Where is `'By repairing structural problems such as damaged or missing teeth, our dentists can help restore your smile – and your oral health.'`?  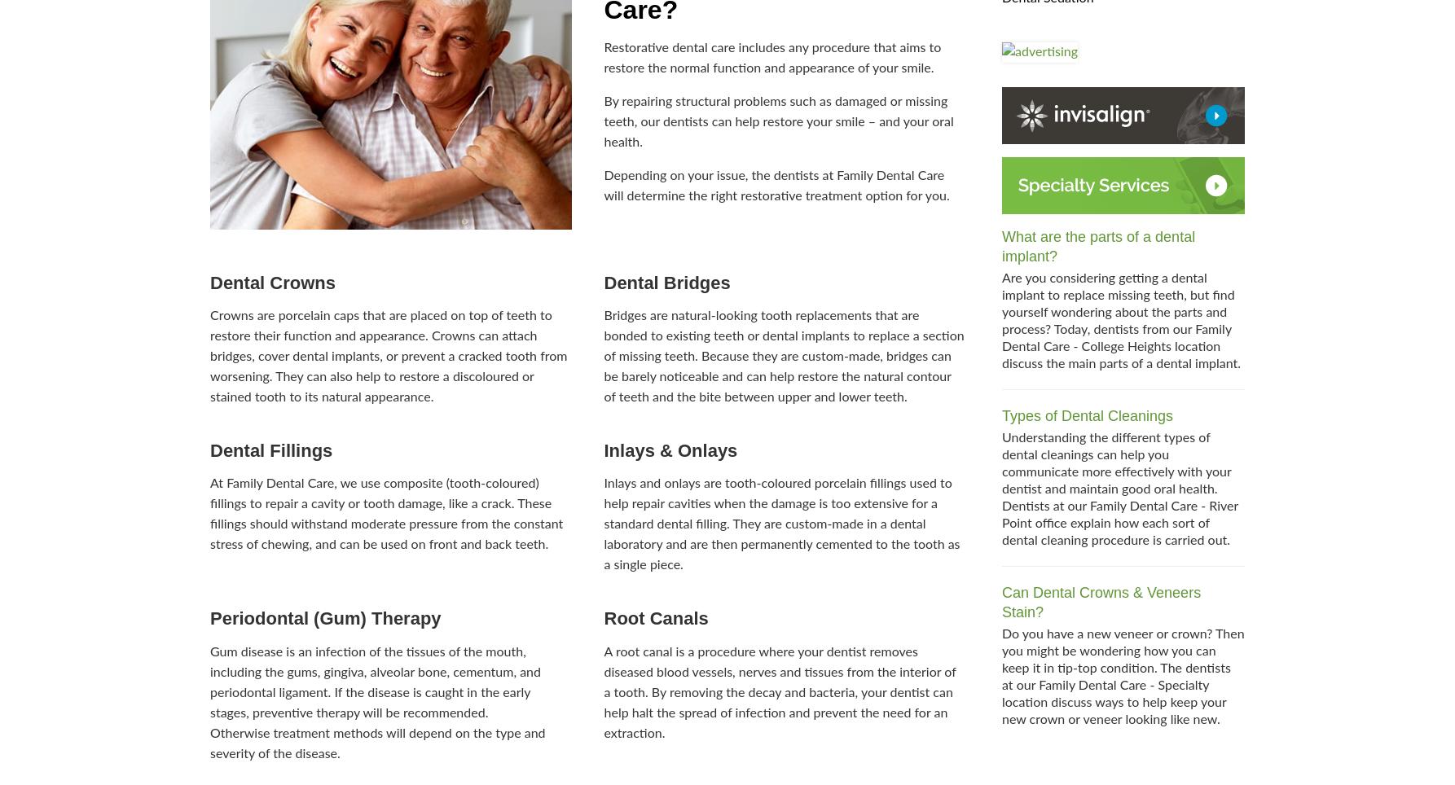 'By repairing structural problems such as damaged or missing teeth, our dentists can help restore your smile – and your oral health.' is located at coordinates (778, 121).